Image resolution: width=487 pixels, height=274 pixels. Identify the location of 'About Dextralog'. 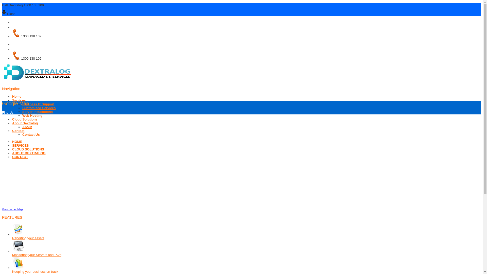
(25, 123).